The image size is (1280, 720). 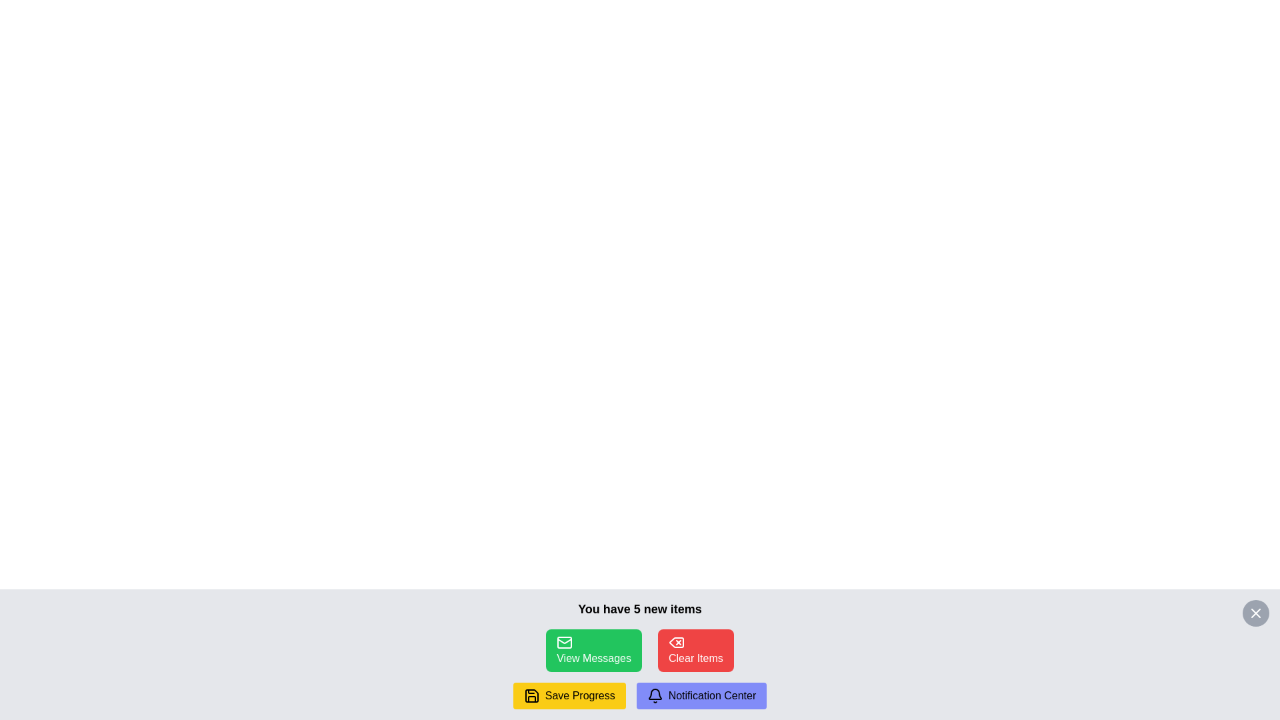 What do you see at coordinates (695, 649) in the screenshot?
I see `the clear button located to the immediate right of the green 'View Messages' button` at bounding box center [695, 649].